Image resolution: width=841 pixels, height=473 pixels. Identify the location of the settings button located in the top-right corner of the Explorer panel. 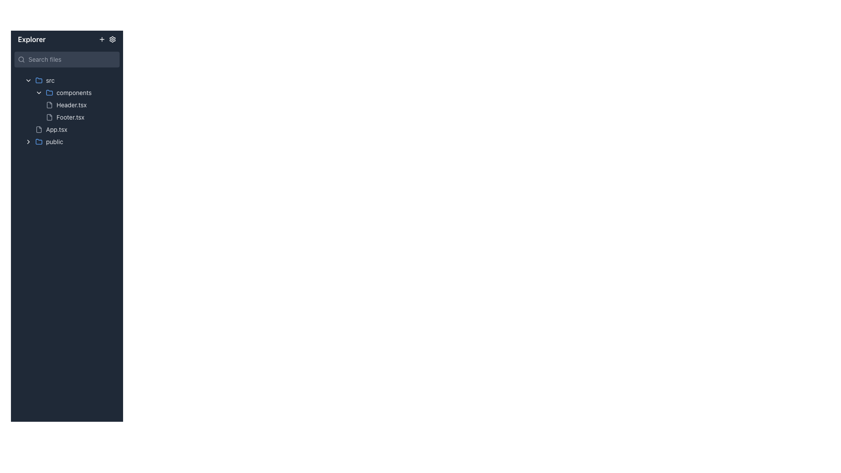
(112, 39).